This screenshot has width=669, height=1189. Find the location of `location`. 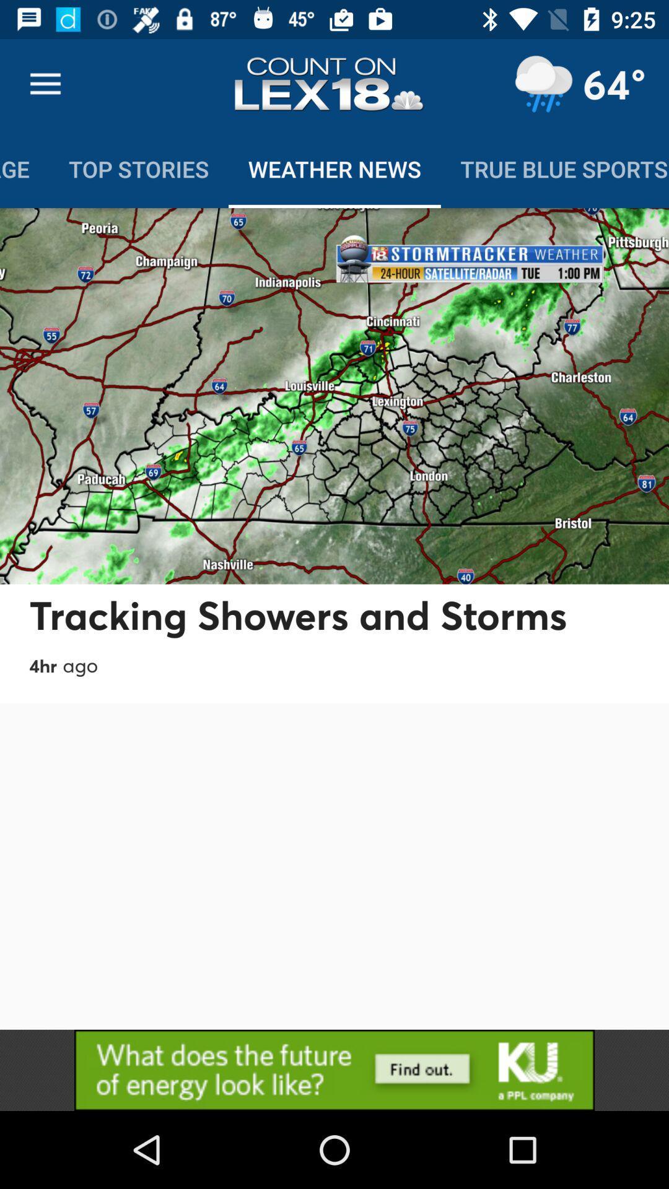

location is located at coordinates (543, 84).